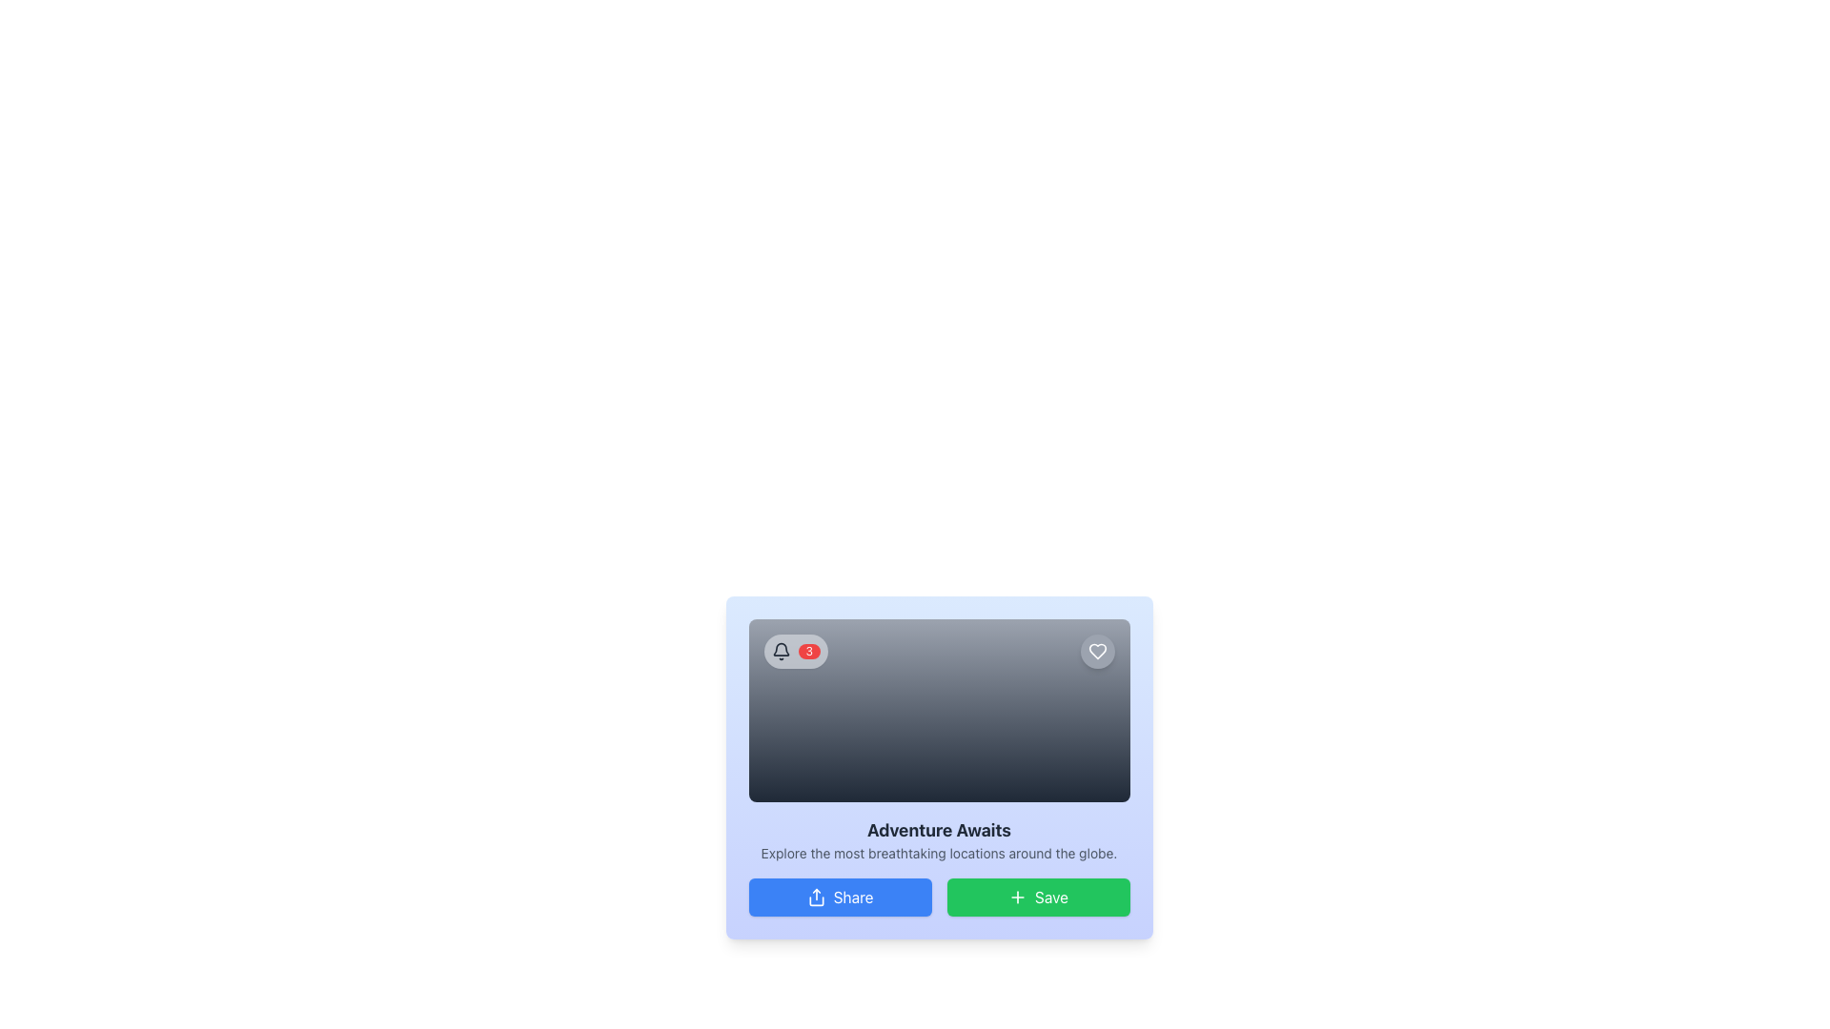 This screenshot has height=1029, width=1830. Describe the element at coordinates (939, 767) in the screenshot. I see `the Card Component that presents information about an exploration theme, located in the lower half of the interface` at that location.